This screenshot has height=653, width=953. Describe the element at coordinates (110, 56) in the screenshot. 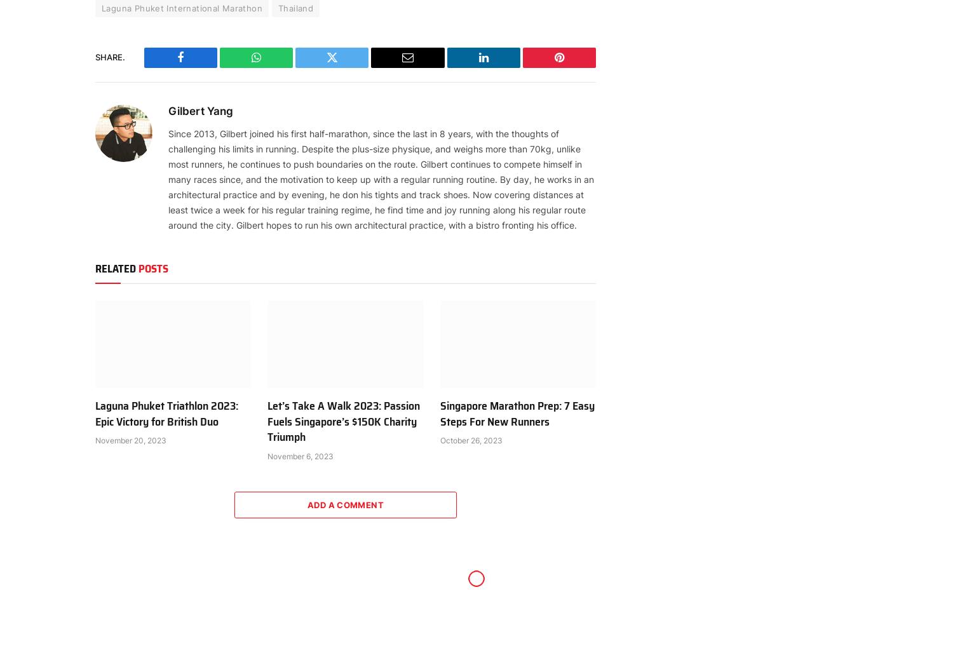

I see `'Share.'` at that location.